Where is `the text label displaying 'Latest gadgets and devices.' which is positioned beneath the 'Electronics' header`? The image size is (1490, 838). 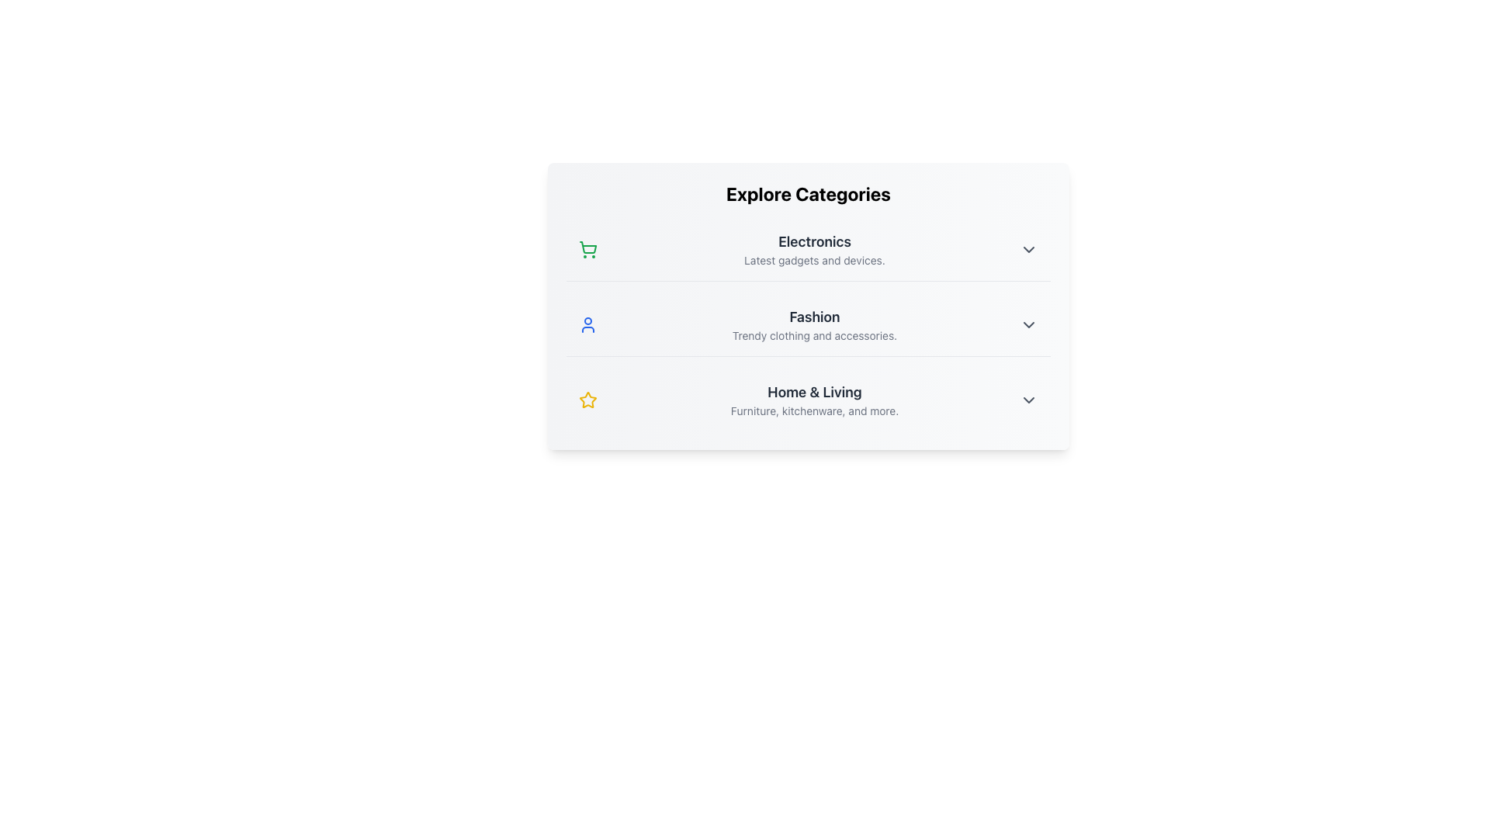
the text label displaying 'Latest gadgets and devices.' which is positioned beneath the 'Electronics' header is located at coordinates (814, 259).